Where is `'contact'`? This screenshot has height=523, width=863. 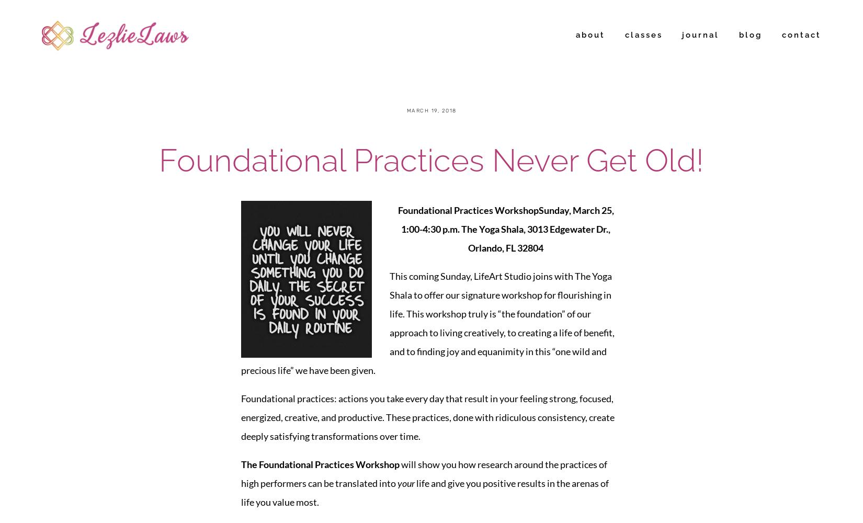
'contact' is located at coordinates (781, 35).